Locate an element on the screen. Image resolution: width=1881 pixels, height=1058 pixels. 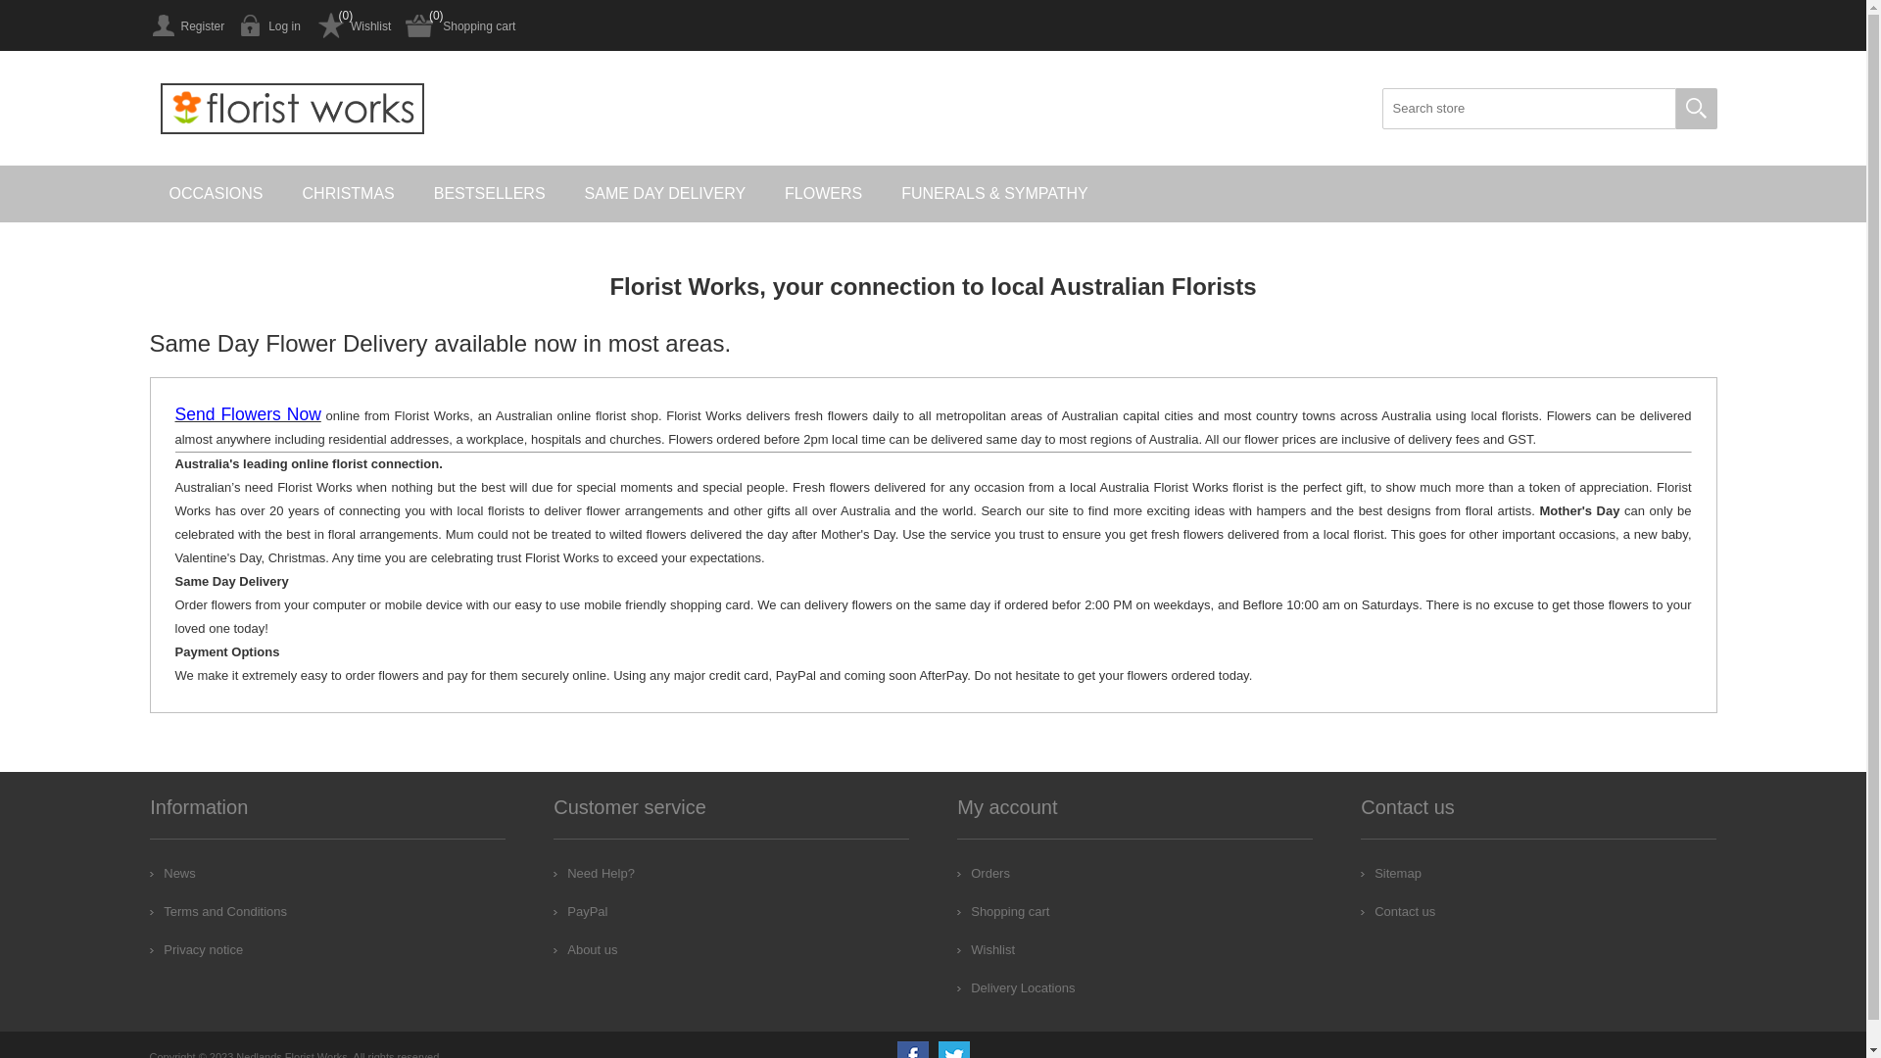
'Send Flowers Now' is located at coordinates (246, 414).